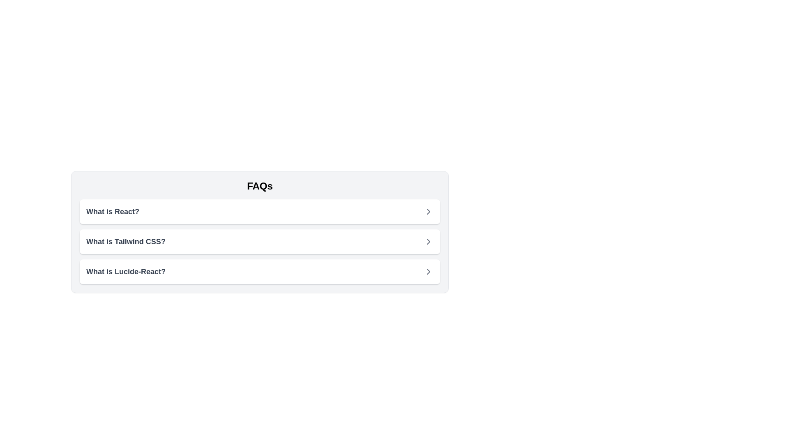 The width and height of the screenshot is (789, 444). What do you see at coordinates (125, 271) in the screenshot?
I see `the text label that identifies the third question in the FAQ section, which is situated below 'What is Tailwind CSS?' and above no other items` at bounding box center [125, 271].